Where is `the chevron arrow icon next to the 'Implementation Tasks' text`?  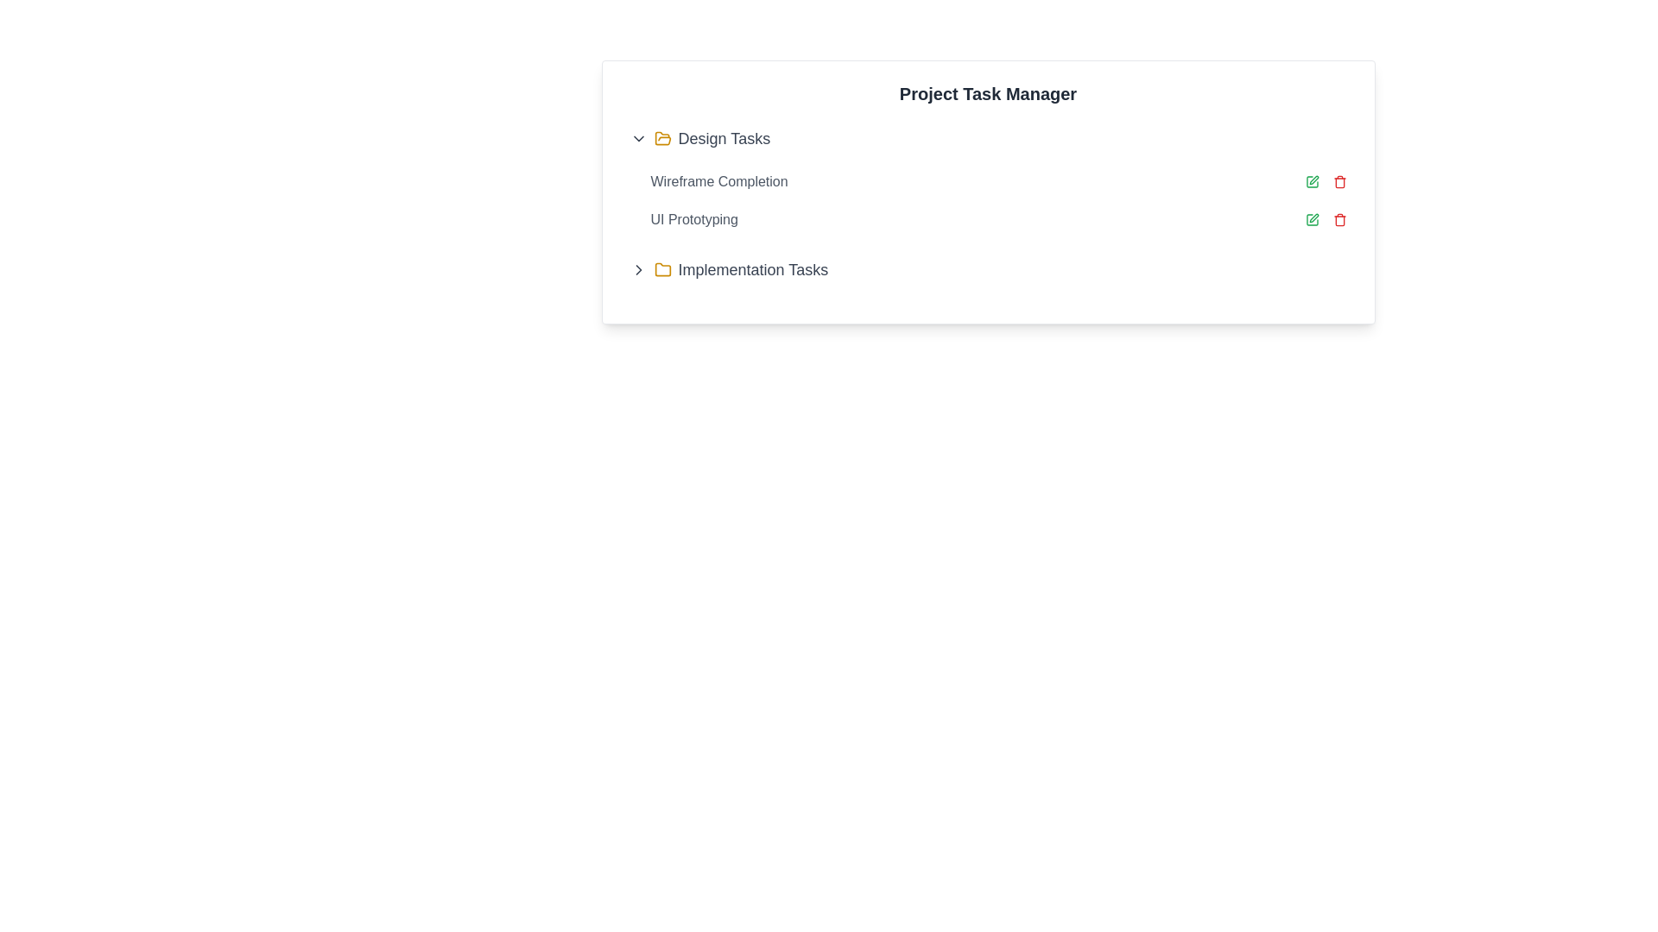 the chevron arrow icon next to the 'Implementation Tasks' text is located at coordinates (637, 269).